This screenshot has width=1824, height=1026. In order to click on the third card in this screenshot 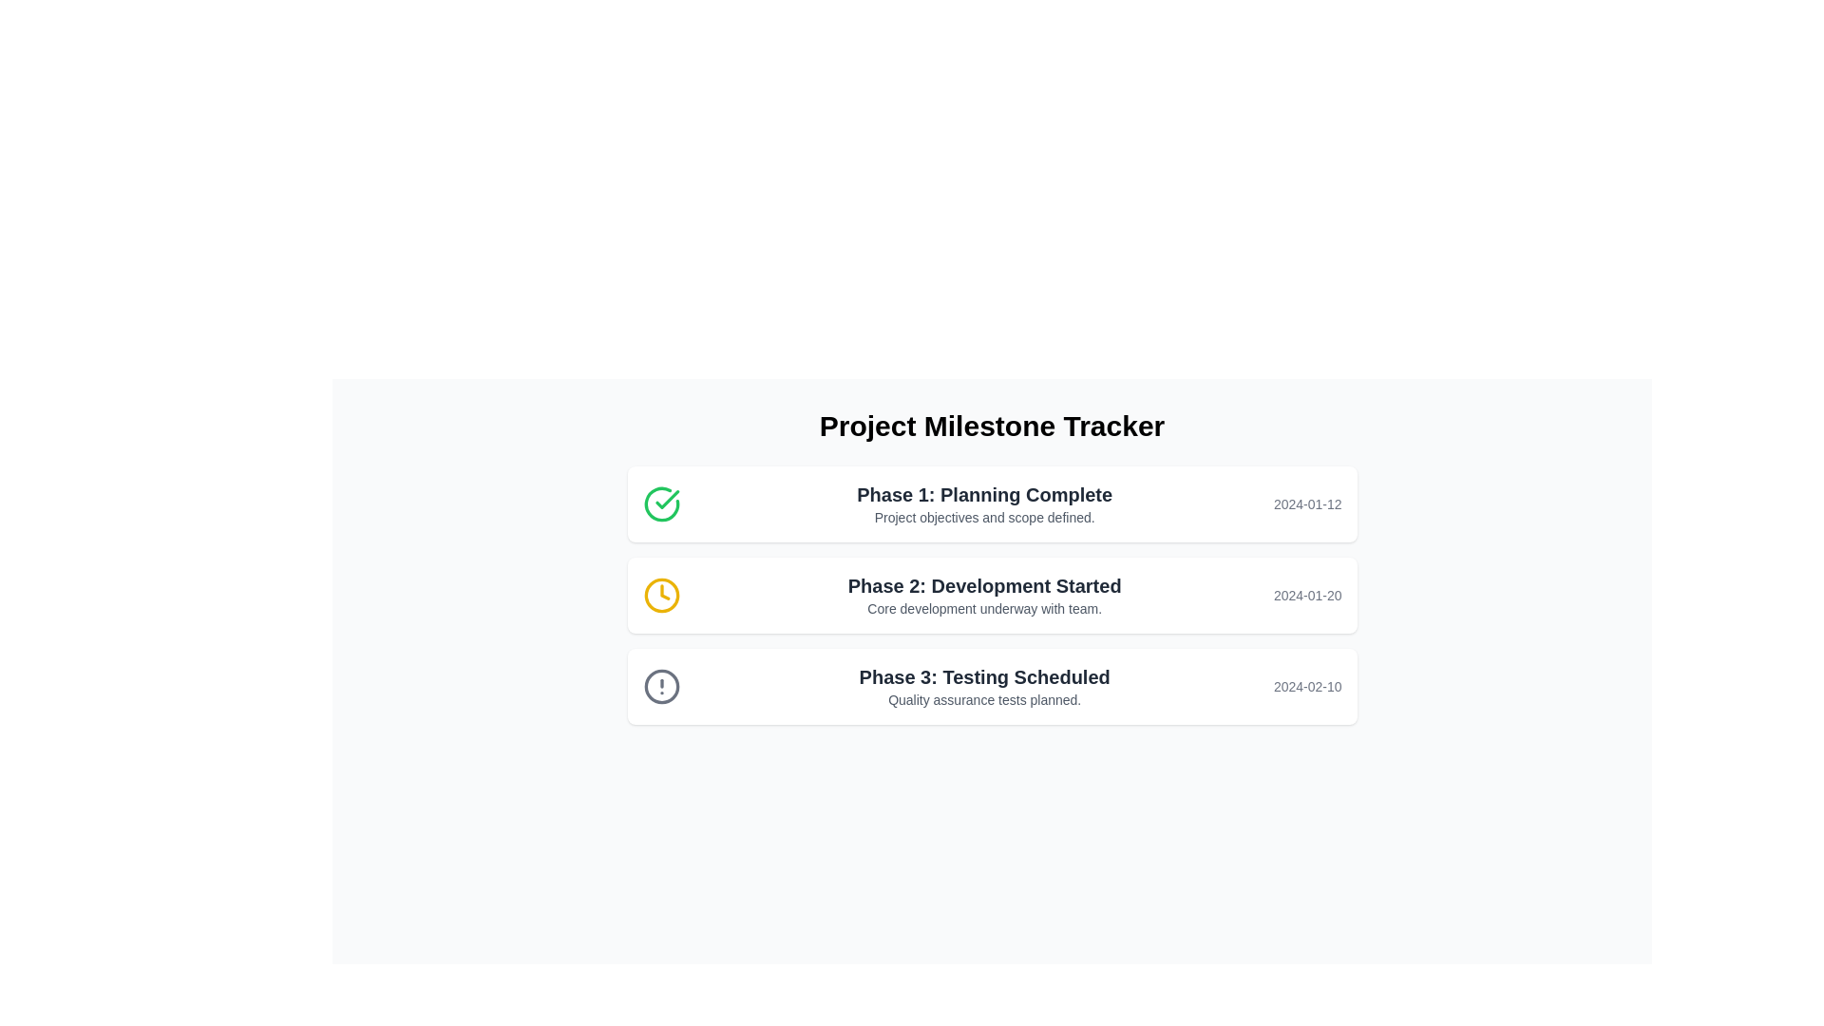, I will do `click(991, 686)`.